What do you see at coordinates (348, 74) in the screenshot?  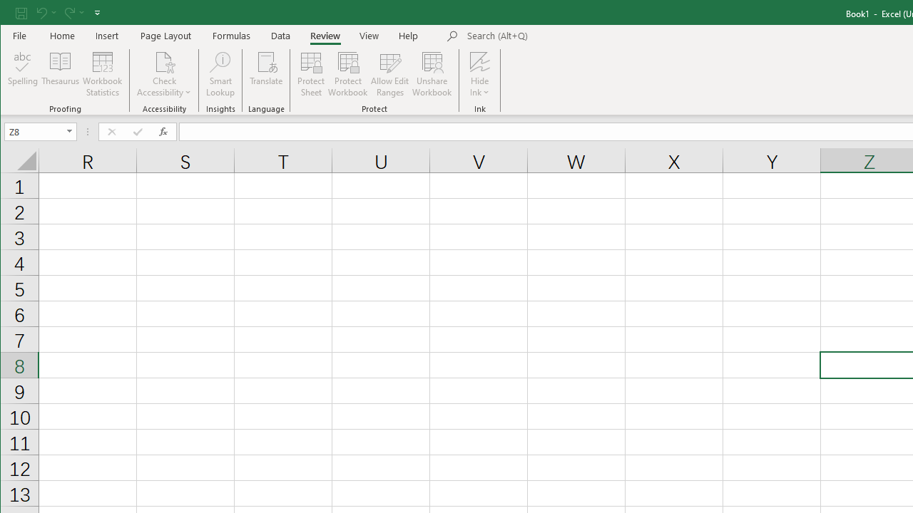 I see `'Protect Workbook...'` at bounding box center [348, 74].